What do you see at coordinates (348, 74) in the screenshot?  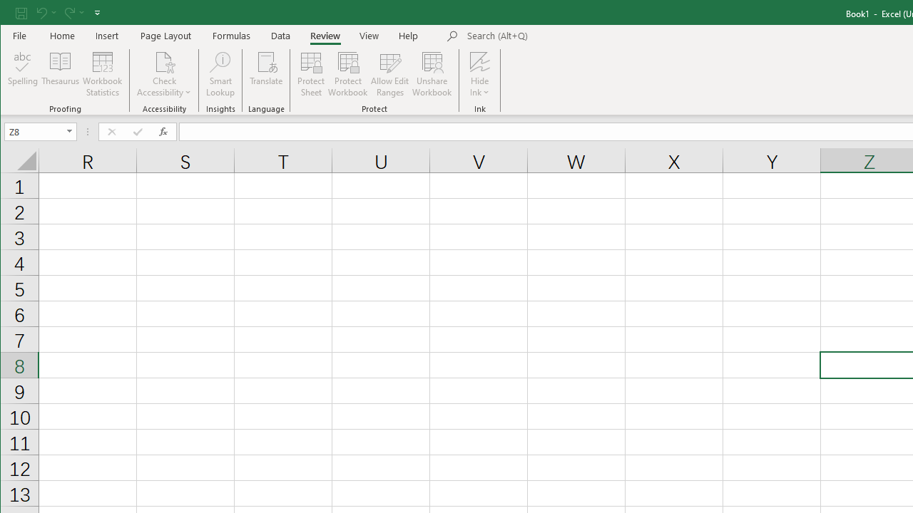 I see `'Protect Workbook...'` at bounding box center [348, 74].